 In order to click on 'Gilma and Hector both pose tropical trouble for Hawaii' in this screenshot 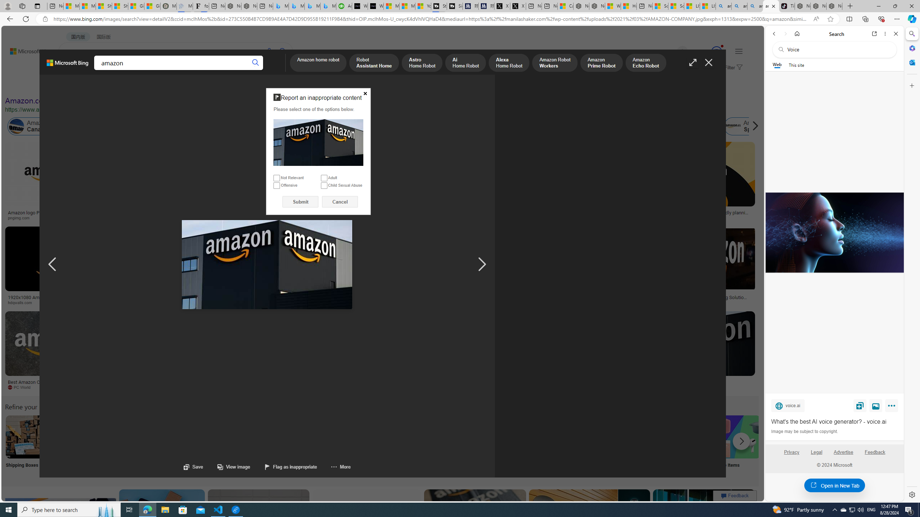, I will do `click(152, 6)`.